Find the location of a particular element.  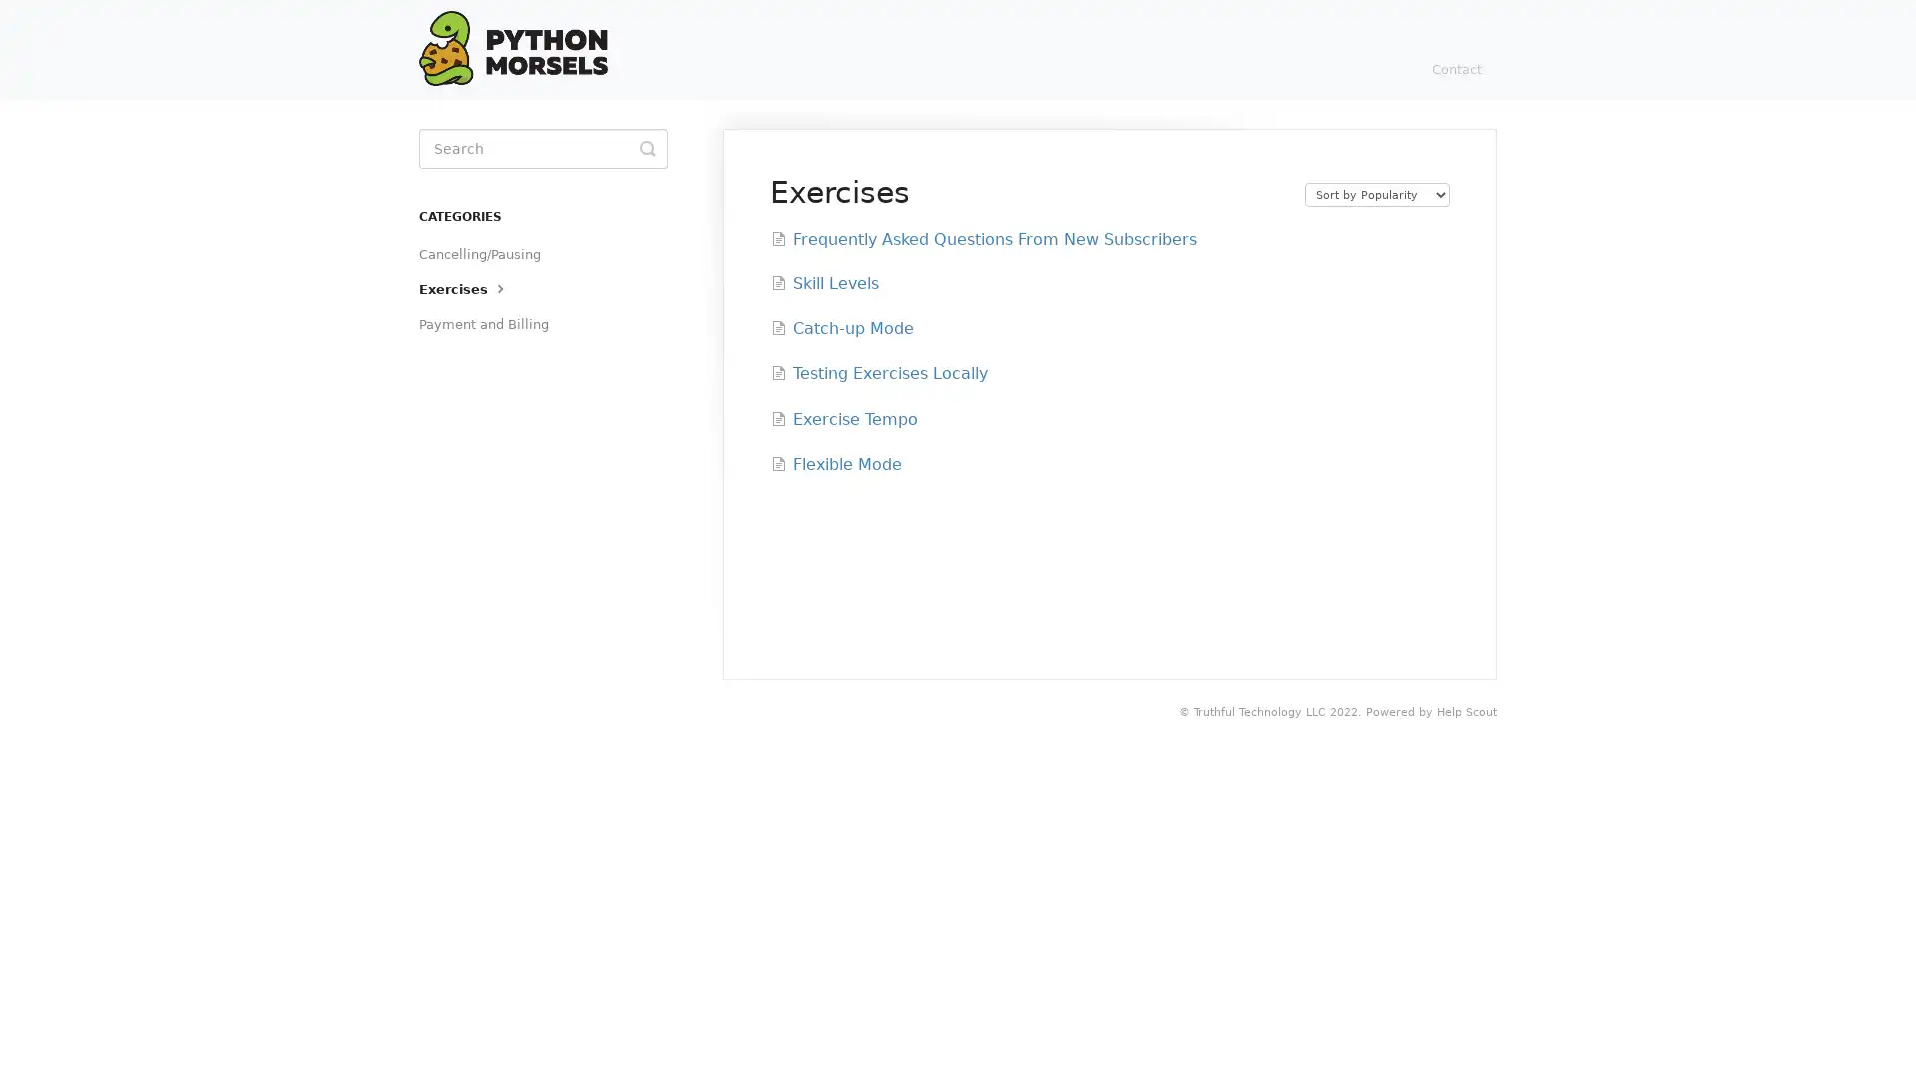

Toggle Search is located at coordinates (647, 148).